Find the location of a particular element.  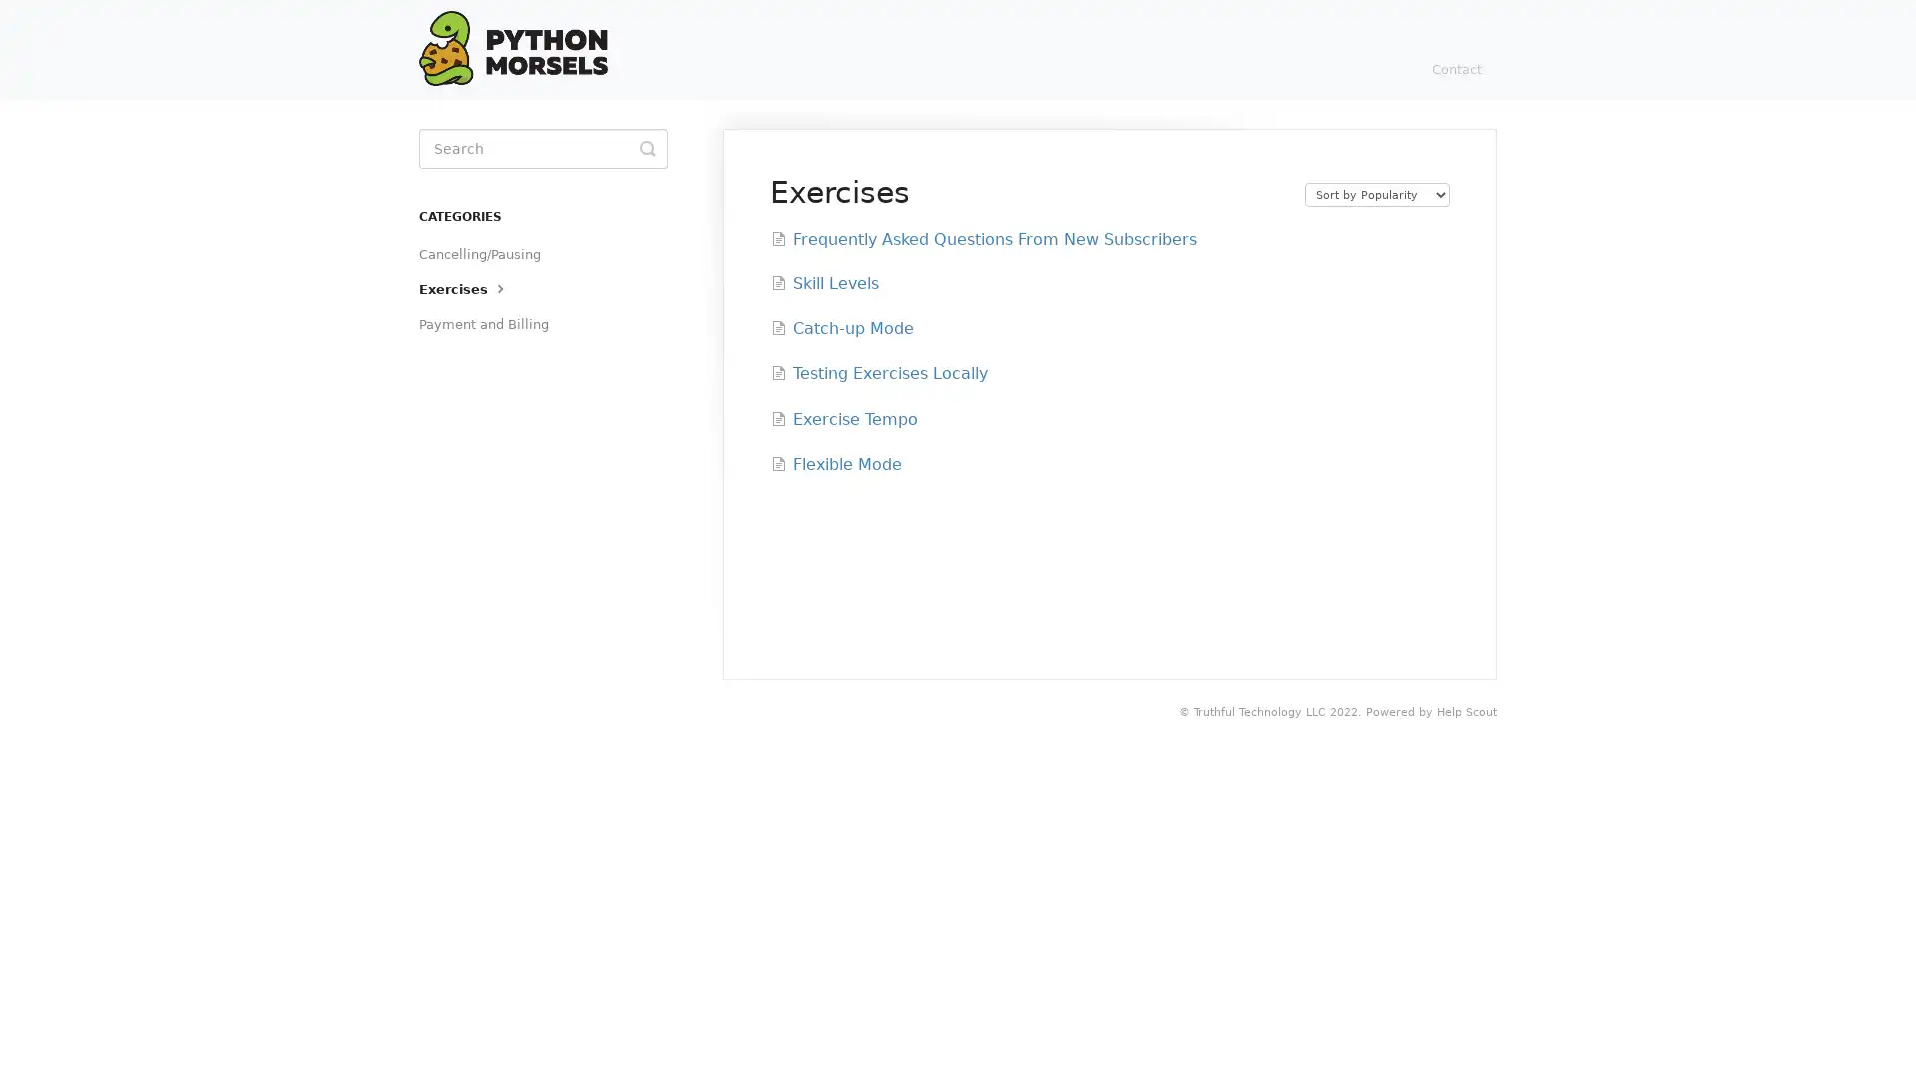

Toggle Search is located at coordinates (647, 148).